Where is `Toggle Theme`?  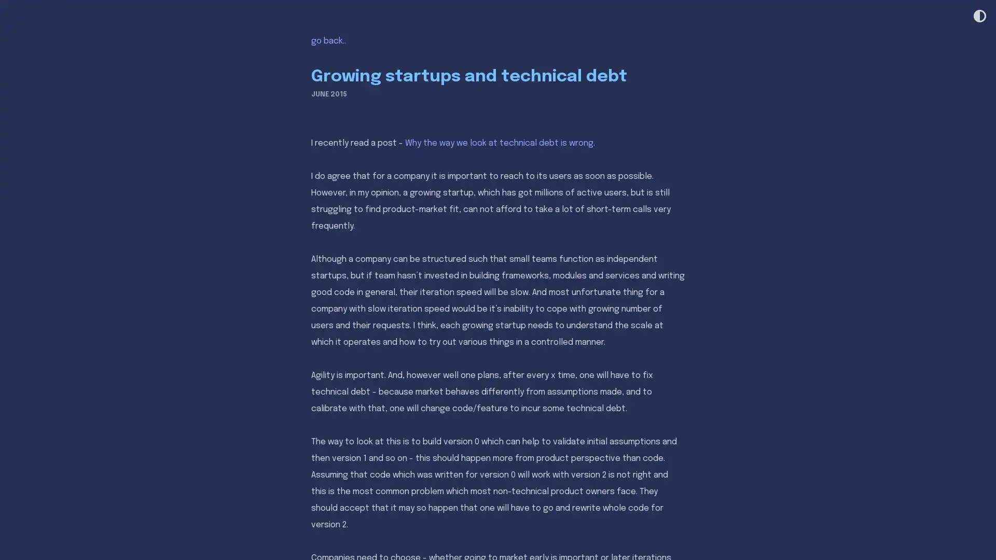 Toggle Theme is located at coordinates (978, 17).